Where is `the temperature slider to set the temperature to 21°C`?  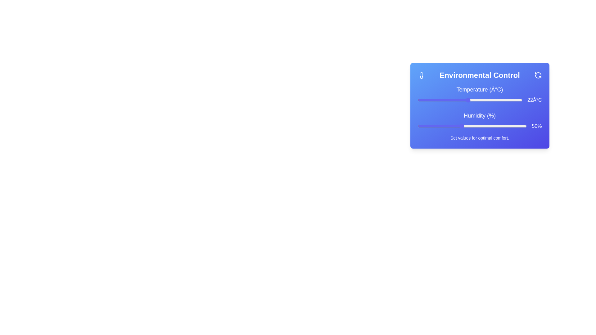 the temperature slider to set the temperature to 21°C is located at coordinates (463, 100).